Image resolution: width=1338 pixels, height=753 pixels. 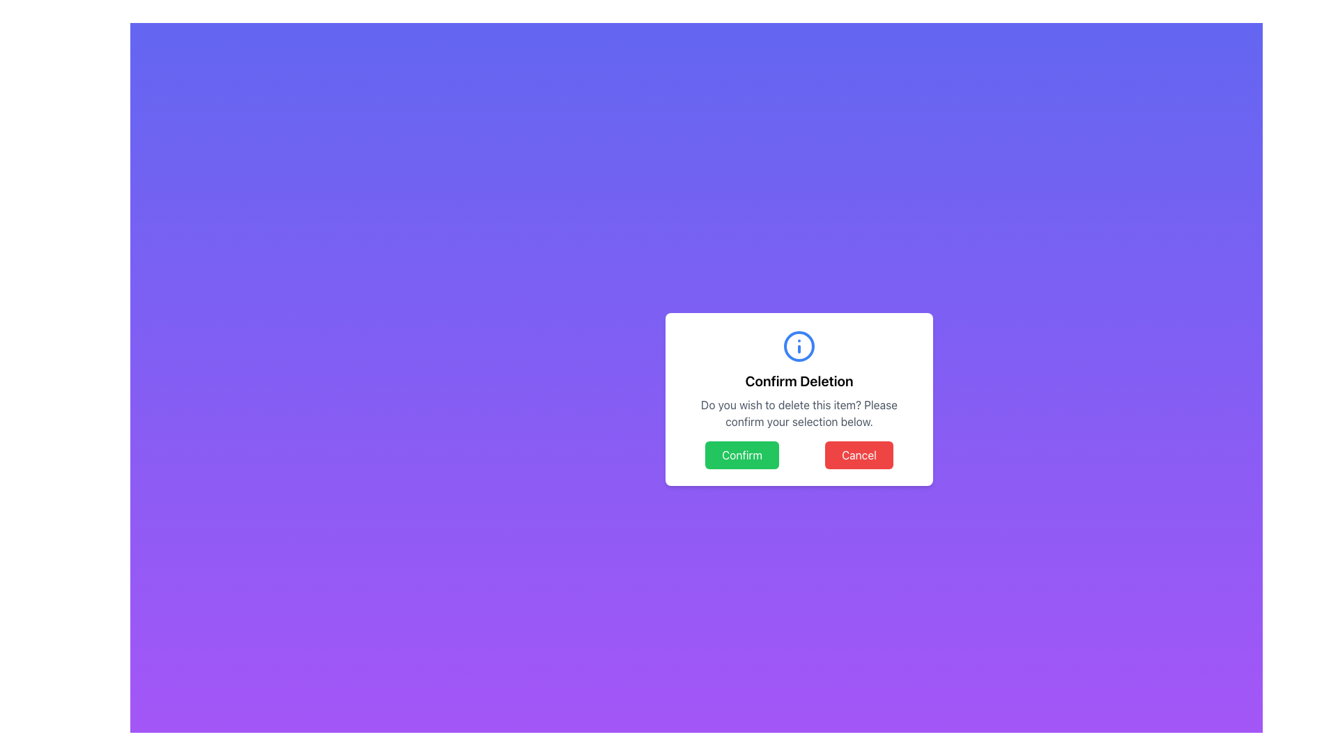 I want to click on the prominent circular info icon with a blue outline and 'i' character located at the top-center of the modal window titled 'Confirm Deletion', so click(x=799, y=346).